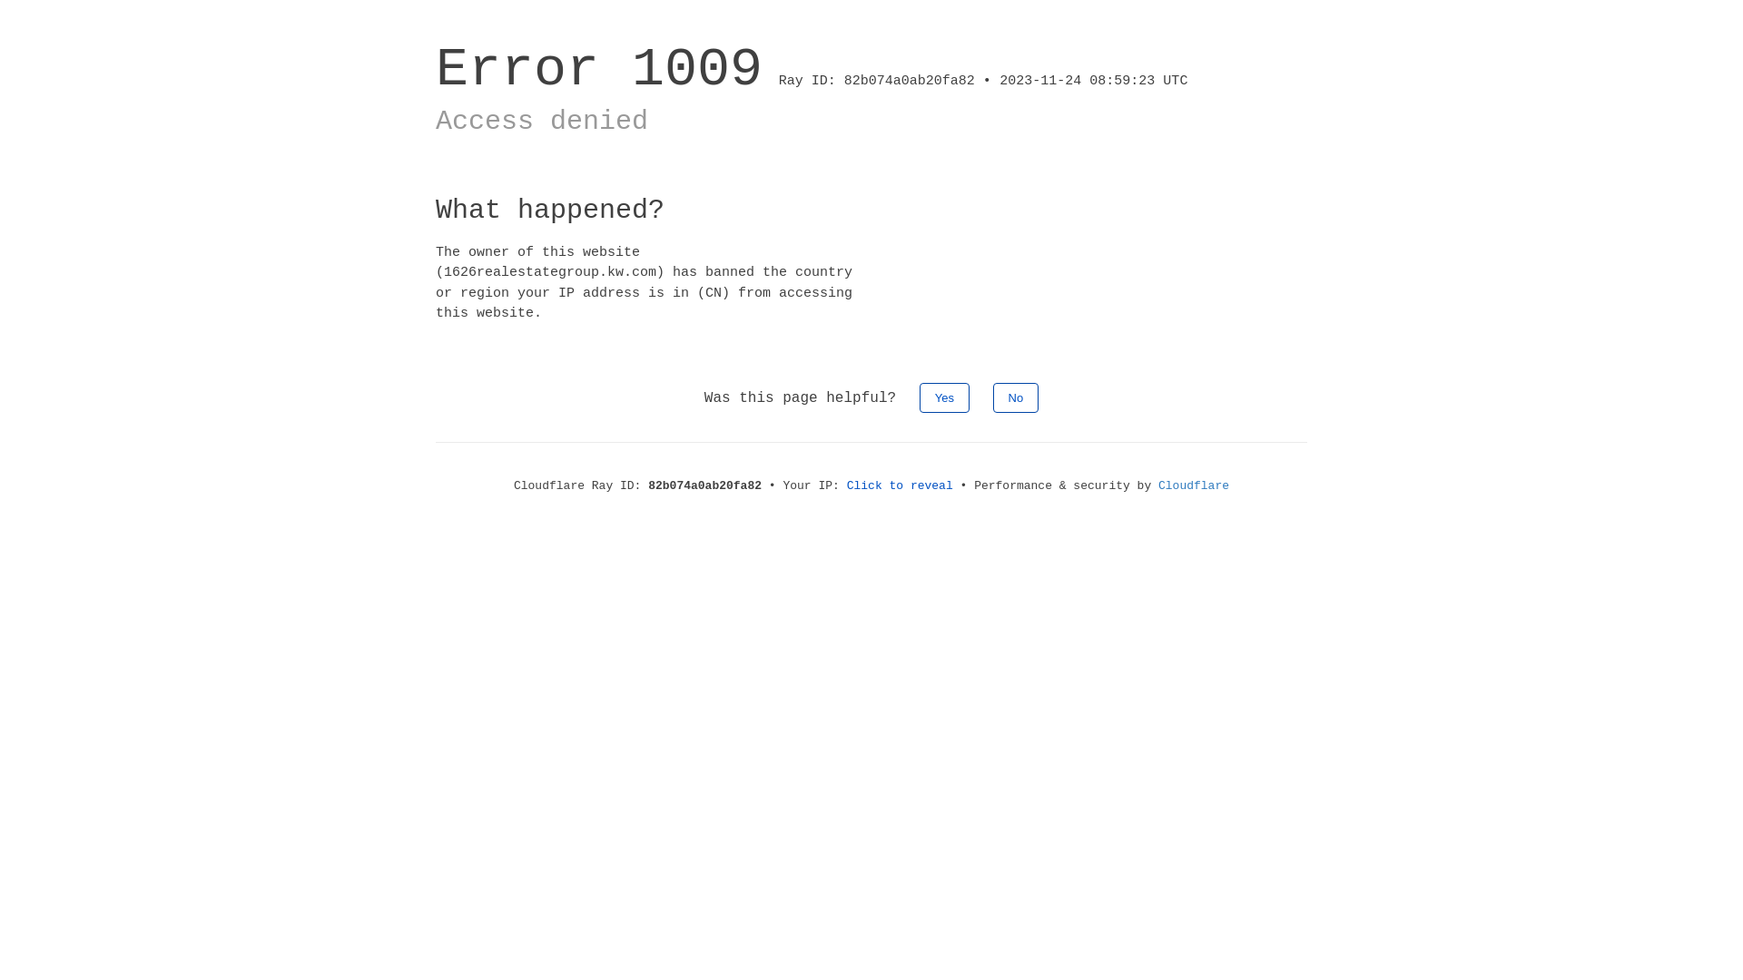 This screenshot has width=1743, height=980. Describe the element at coordinates (900, 485) in the screenshot. I see `'Click to reveal'` at that location.